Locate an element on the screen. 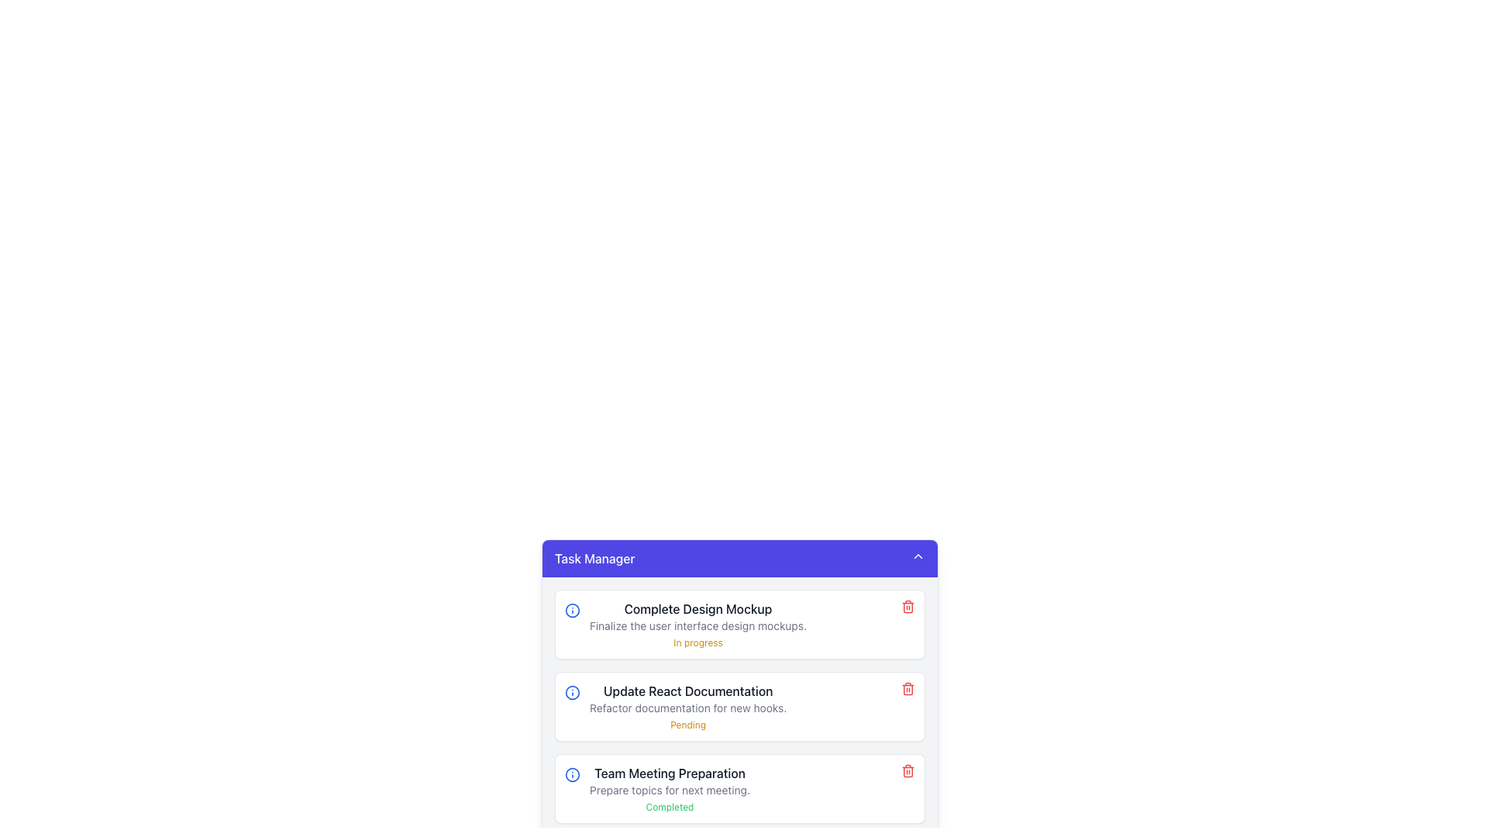 This screenshot has width=1488, height=837. the circular information icon with a blue outline located in the task card labeled 'Complete Design Mockup' at the upper-left corner, preceding the title text is located at coordinates (572, 609).